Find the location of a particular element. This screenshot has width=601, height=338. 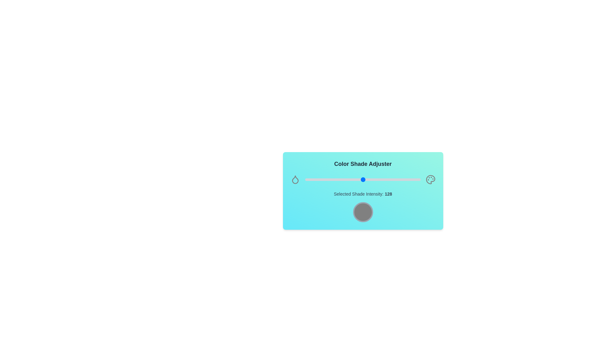

the shade intensity to 103 by interacting with the slider is located at coordinates (352, 180).